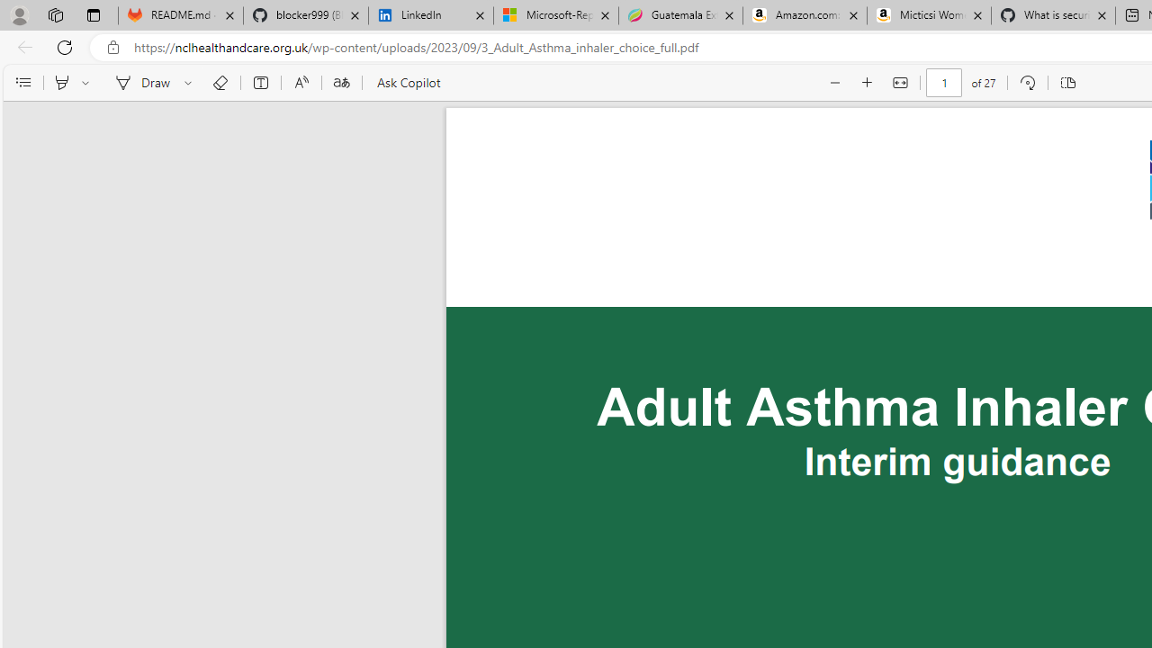 Image resolution: width=1152 pixels, height=648 pixels. What do you see at coordinates (341, 83) in the screenshot?
I see `'Translate'` at bounding box center [341, 83].